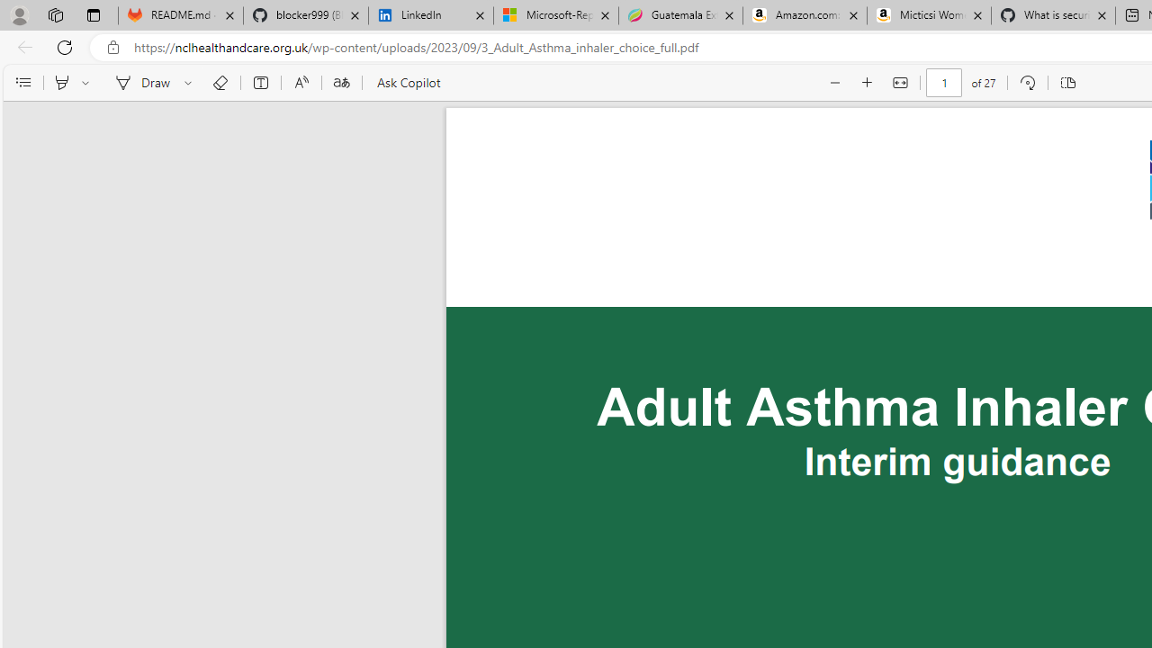 Image resolution: width=1152 pixels, height=648 pixels. What do you see at coordinates (341, 83) in the screenshot?
I see `'Translate'` at bounding box center [341, 83].